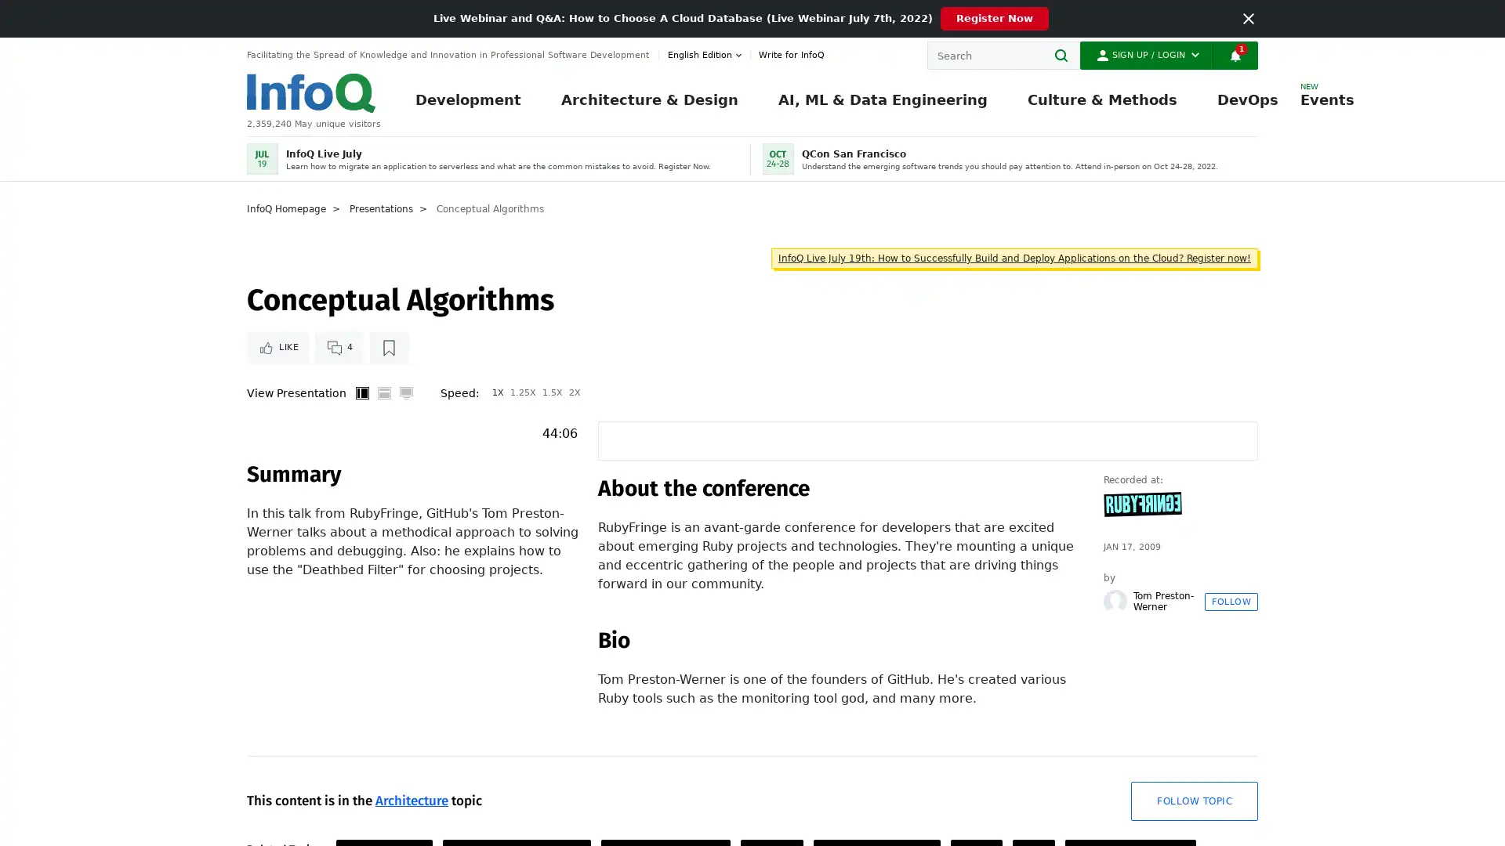 This screenshot has height=846, width=1505. I want to click on 1.5x, so click(553, 449).